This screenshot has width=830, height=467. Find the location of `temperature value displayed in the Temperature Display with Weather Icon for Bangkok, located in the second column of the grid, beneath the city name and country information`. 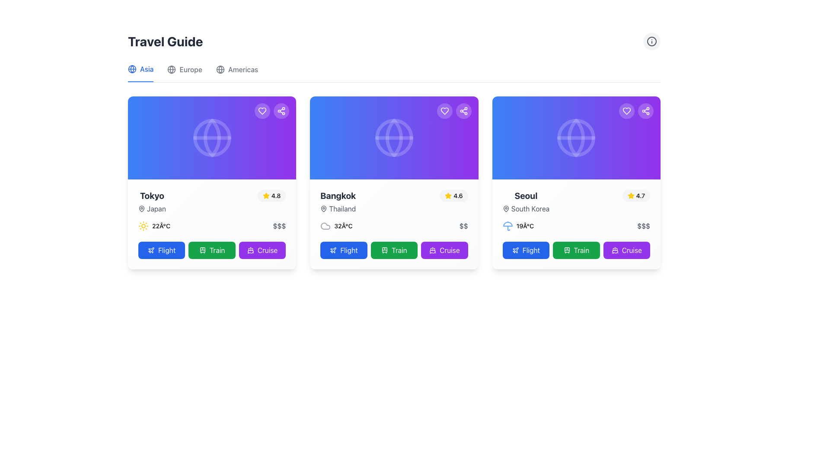

temperature value displayed in the Temperature Display with Weather Icon for Bangkok, located in the second column of the grid, beneath the city name and country information is located at coordinates (336, 226).